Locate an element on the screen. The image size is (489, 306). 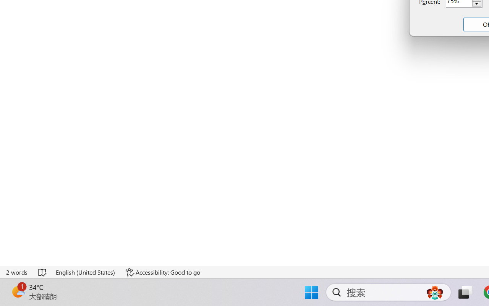
'Language English (United States)' is located at coordinates (86, 272).